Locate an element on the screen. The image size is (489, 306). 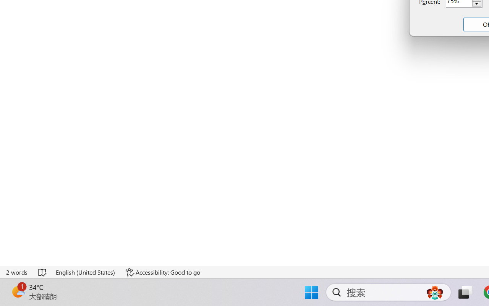
'Language English (United States)' is located at coordinates (86, 272).